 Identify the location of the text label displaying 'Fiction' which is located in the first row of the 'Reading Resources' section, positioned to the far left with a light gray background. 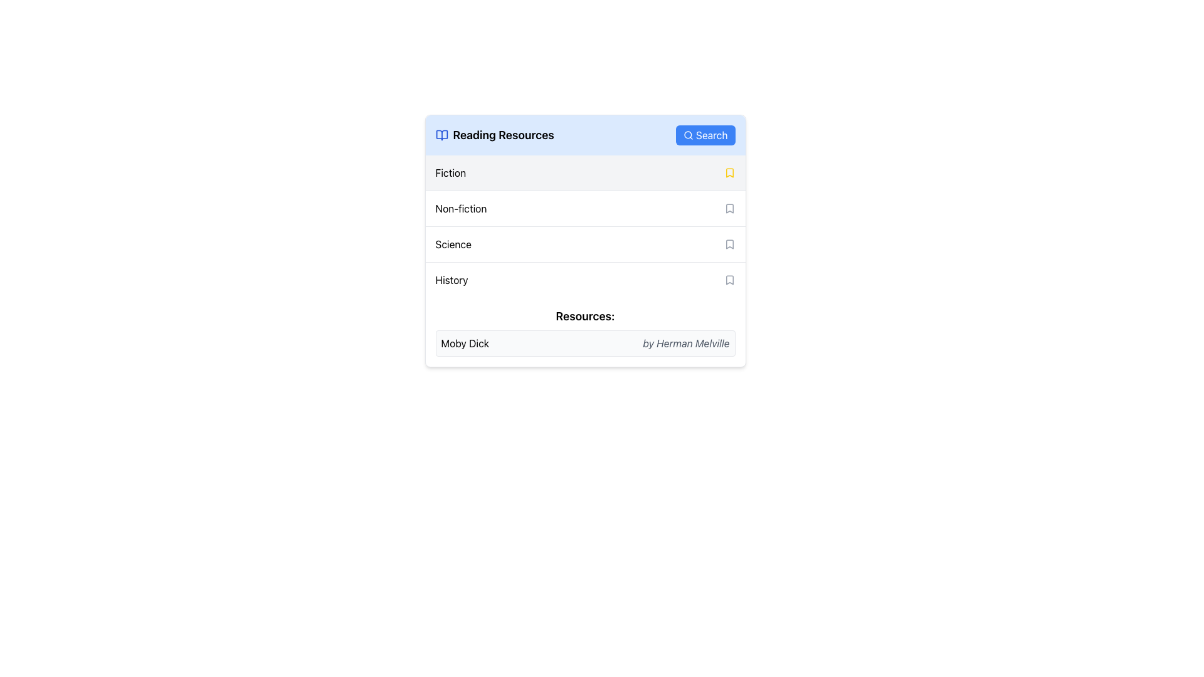
(450, 173).